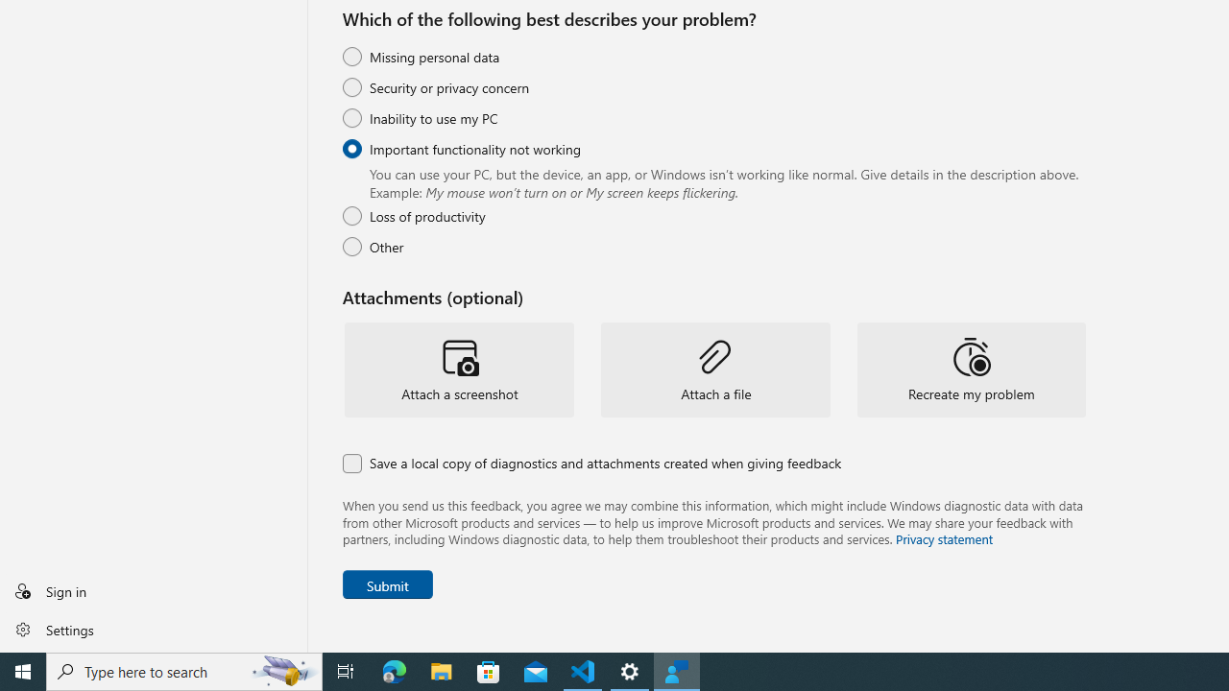  What do you see at coordinates (971, 369) in the screenshot?
I see `'Recreate my problem'` at bounding box center [971, 369].